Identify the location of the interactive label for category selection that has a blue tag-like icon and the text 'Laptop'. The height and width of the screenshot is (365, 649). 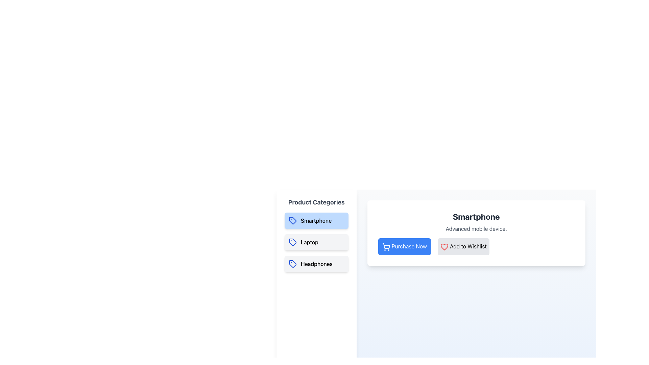
(316, 242).